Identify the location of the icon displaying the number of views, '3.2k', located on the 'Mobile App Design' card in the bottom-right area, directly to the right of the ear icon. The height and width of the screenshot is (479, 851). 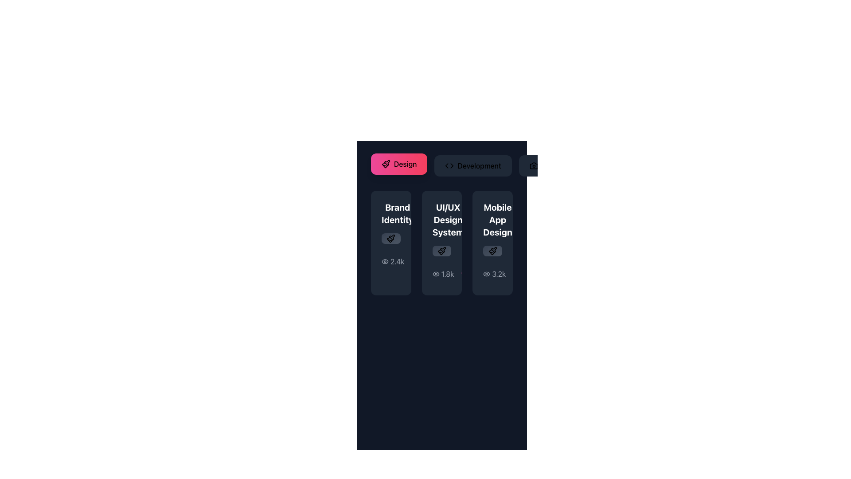
(494, 273).